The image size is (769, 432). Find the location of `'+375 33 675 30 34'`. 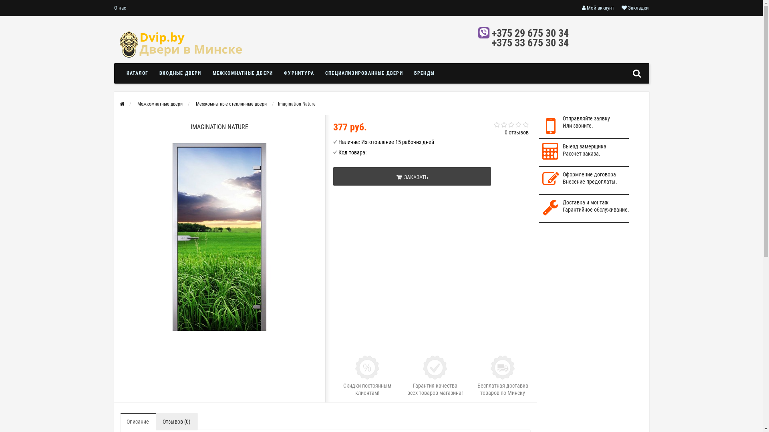

'+375 33 675 30 34' is located at coordinates (530, 43).